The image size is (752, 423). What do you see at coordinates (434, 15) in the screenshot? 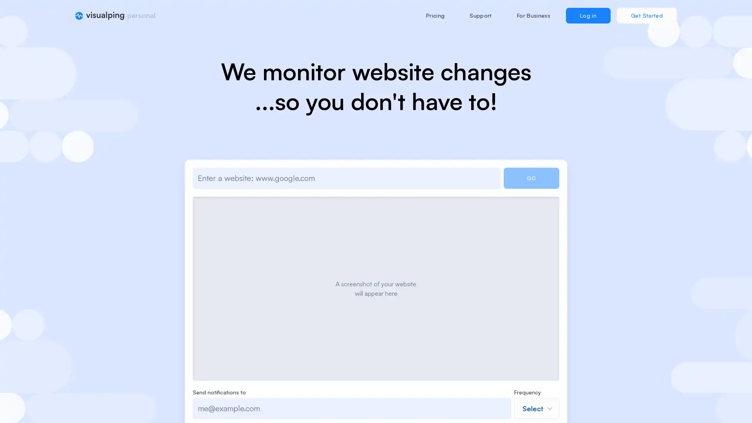
I see `Pricing` at bounding box center [434, 15].